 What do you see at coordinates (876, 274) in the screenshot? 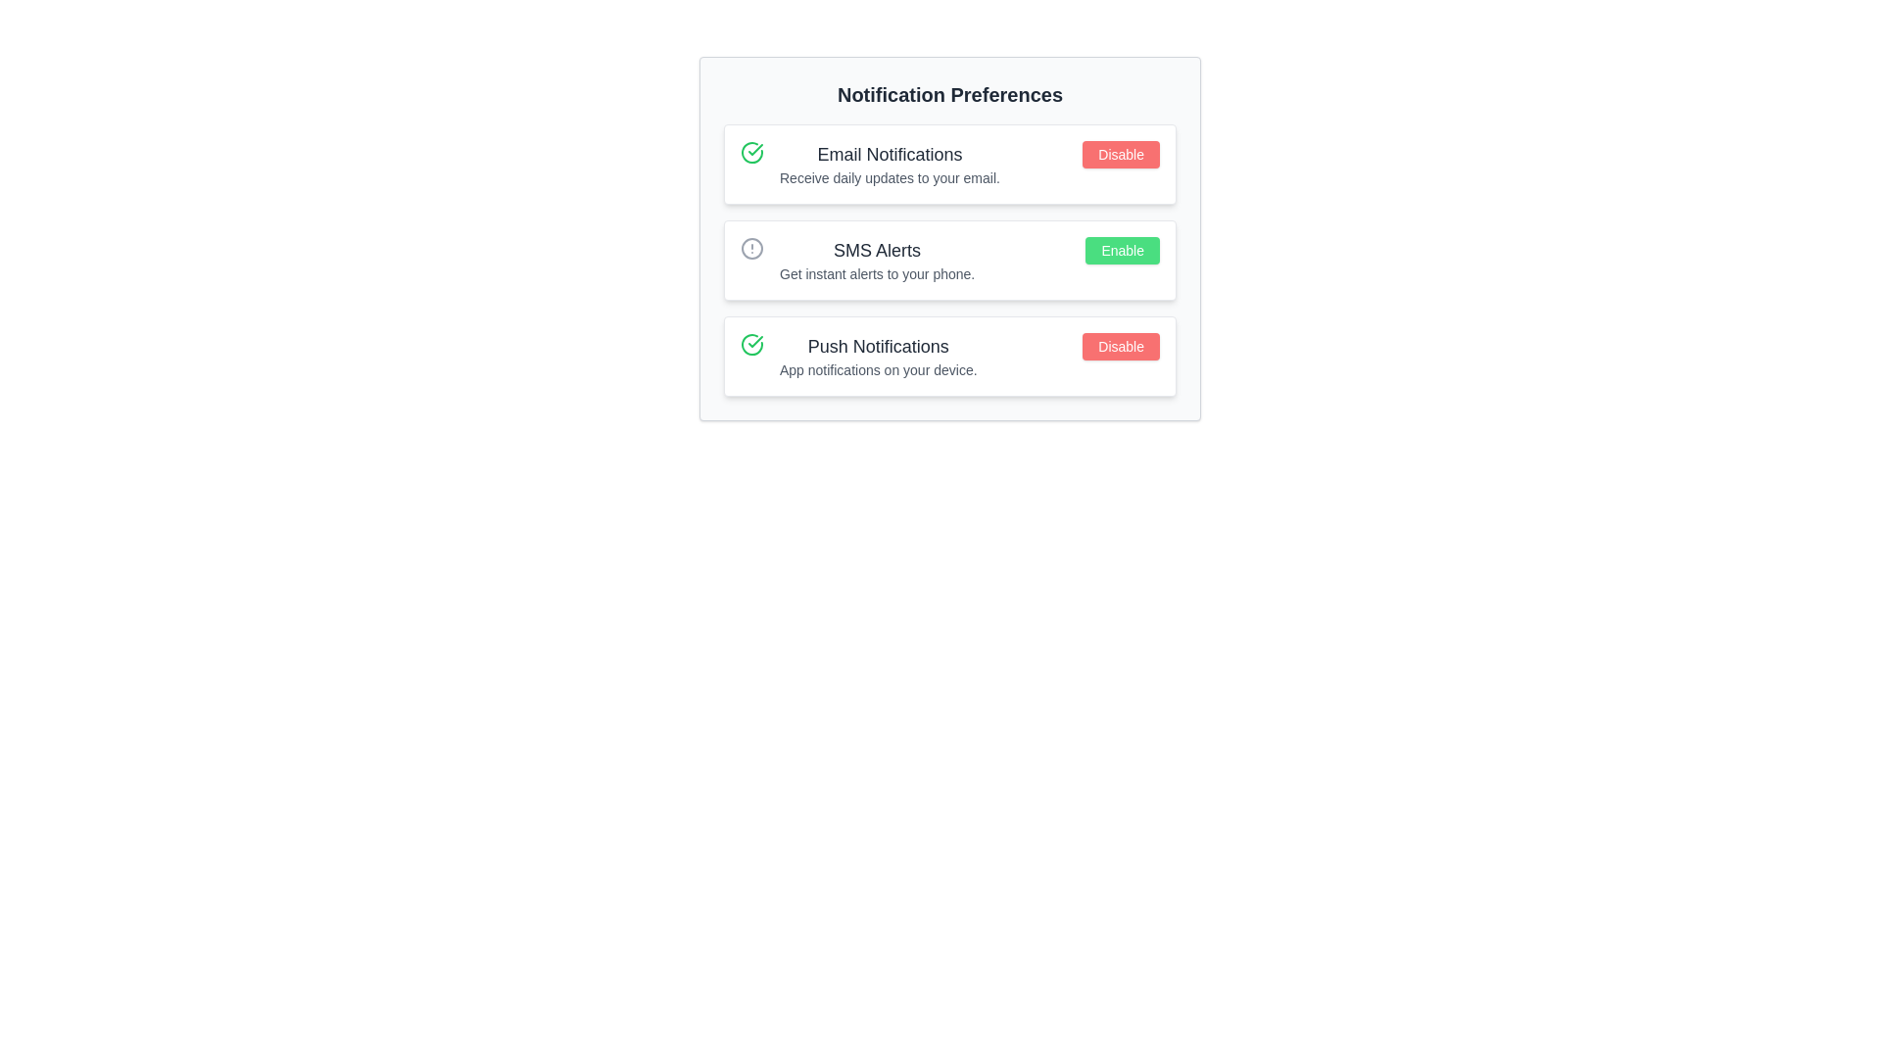
I see `descriptive text located directly under the header 'SMS Alerts' within the SMS Alerts notification card in the Notification Preferences panel` at bounding box center [876, 274].